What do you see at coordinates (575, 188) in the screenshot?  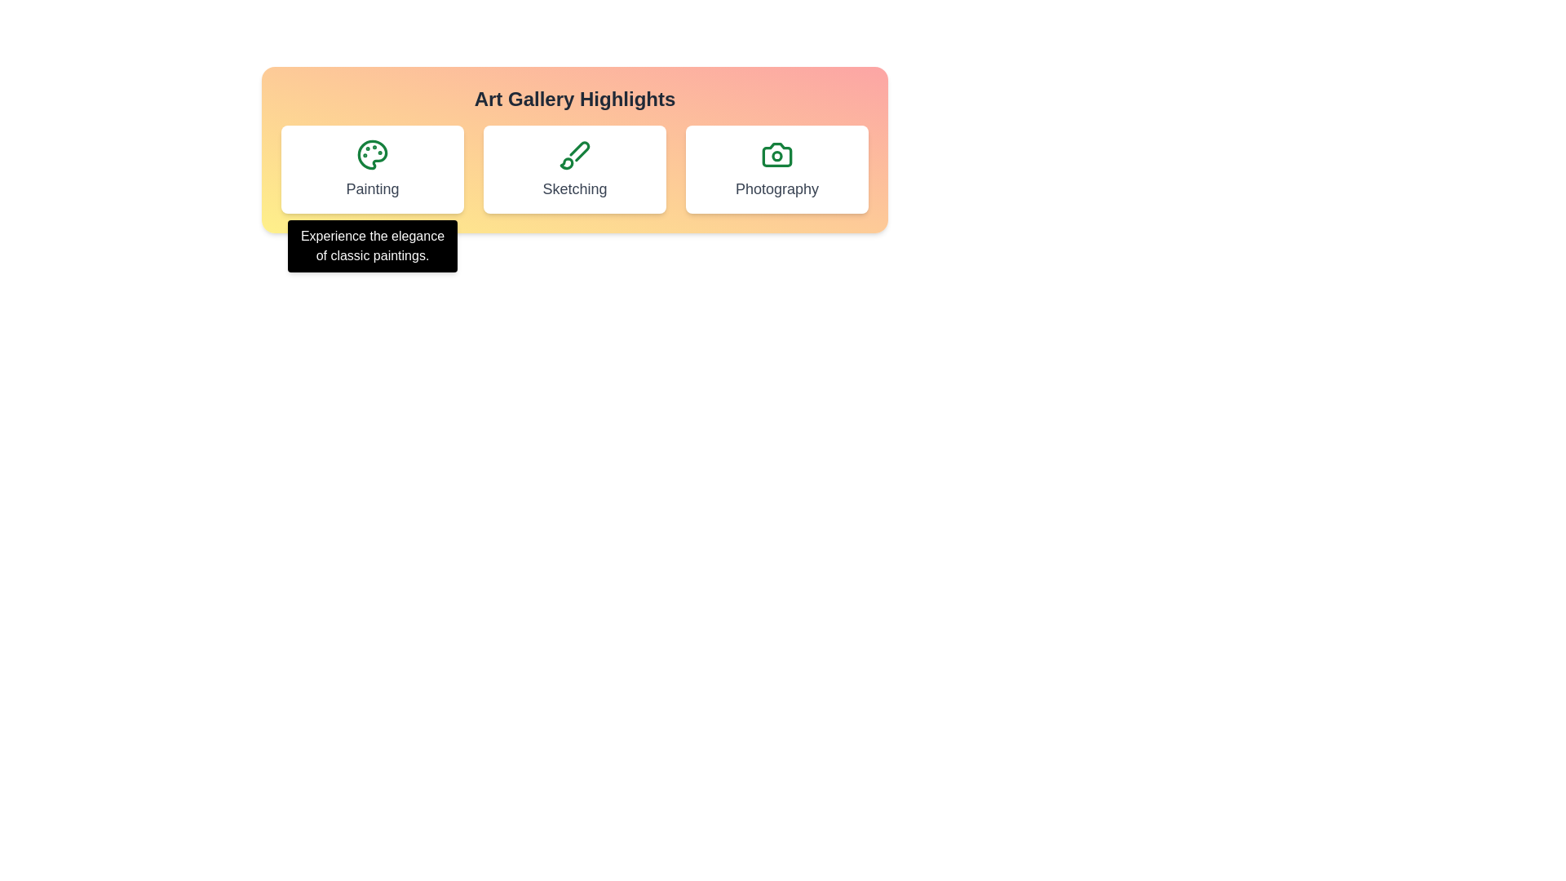 I see `the text label indicating the subject 'Sketching', which is centrally located between the cards labeled 'Painting' and 'Photography'` at bounding box center [575, 188].